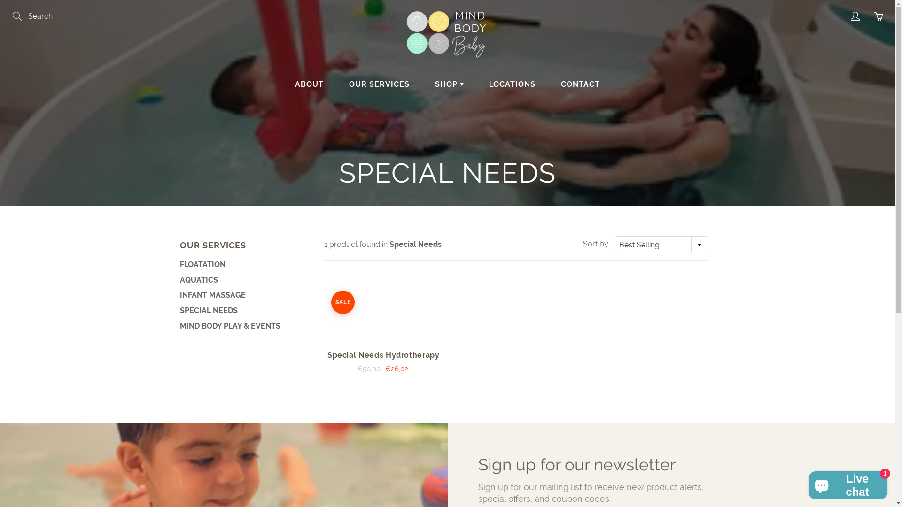 The image size is (902, 507). What do you see at coordinates (241, 326) in the screenshot?
I see `'MIND BODY PLAY & EVENTS'` at bounding box center [241, 326].